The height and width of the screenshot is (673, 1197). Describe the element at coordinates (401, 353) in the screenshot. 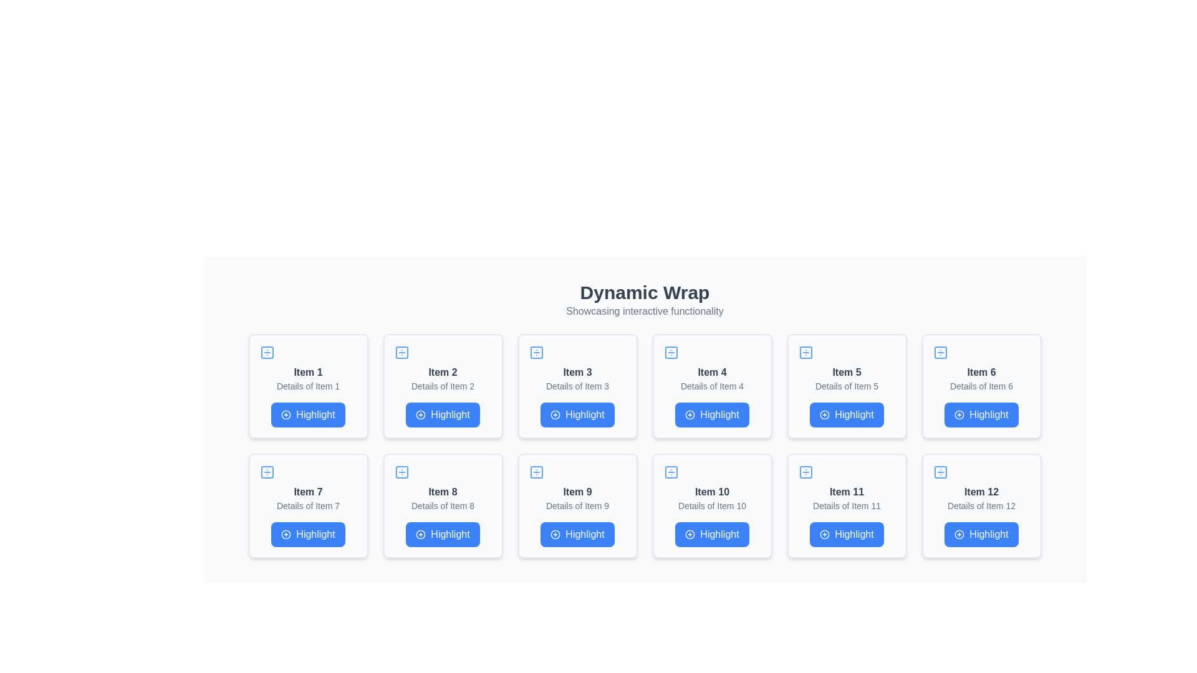

I see `the blue square icon with a cross-like divide located at the top-left of the 'Item 2' card` at that location.